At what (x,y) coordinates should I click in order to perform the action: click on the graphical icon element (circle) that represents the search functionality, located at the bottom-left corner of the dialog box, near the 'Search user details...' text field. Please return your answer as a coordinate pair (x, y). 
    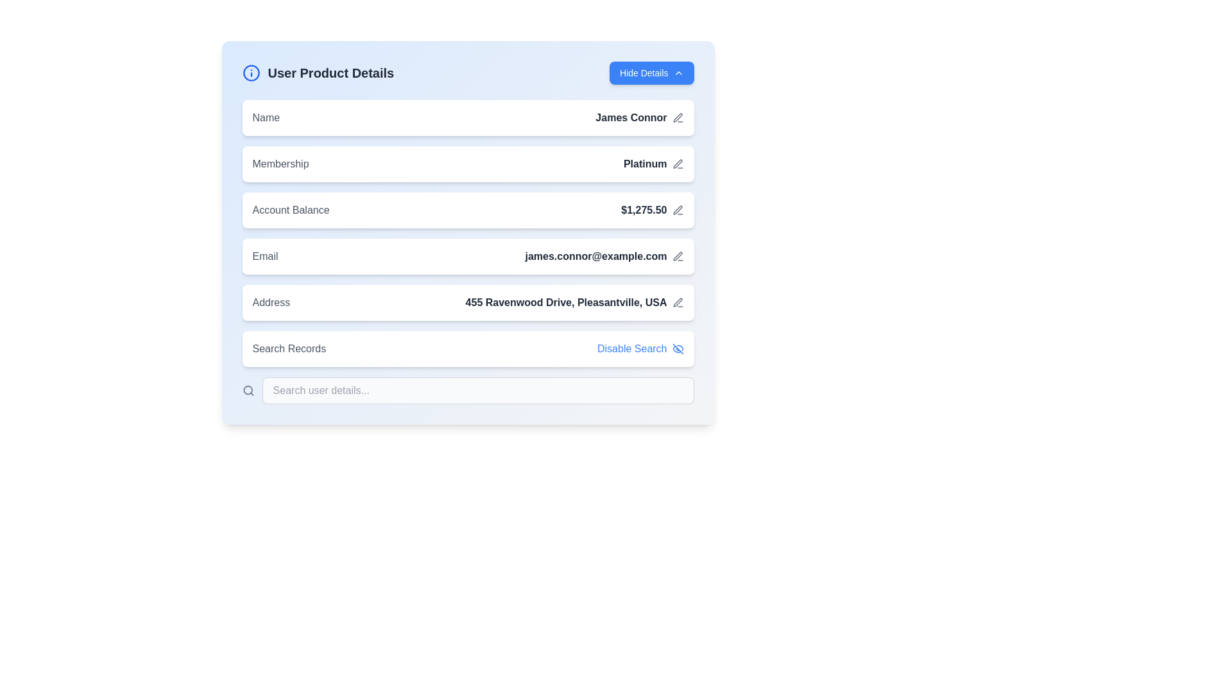
    Looking at the image, I should click on (248, 389).